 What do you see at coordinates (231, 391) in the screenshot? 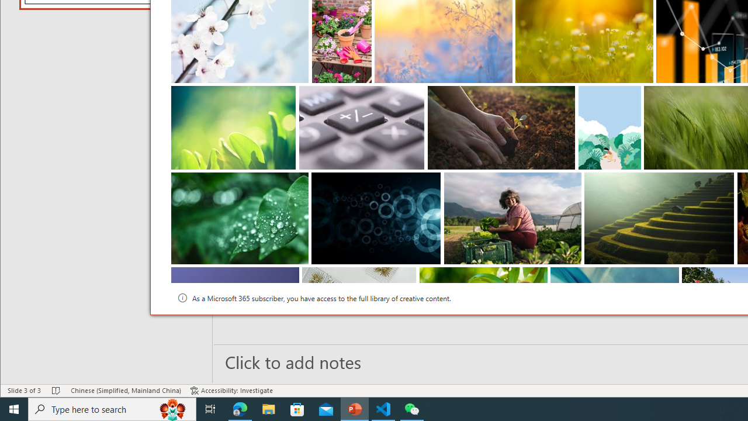
I see `'Accessibility Checker Accessibility: Investigate'` at bounding box center [231, 391].